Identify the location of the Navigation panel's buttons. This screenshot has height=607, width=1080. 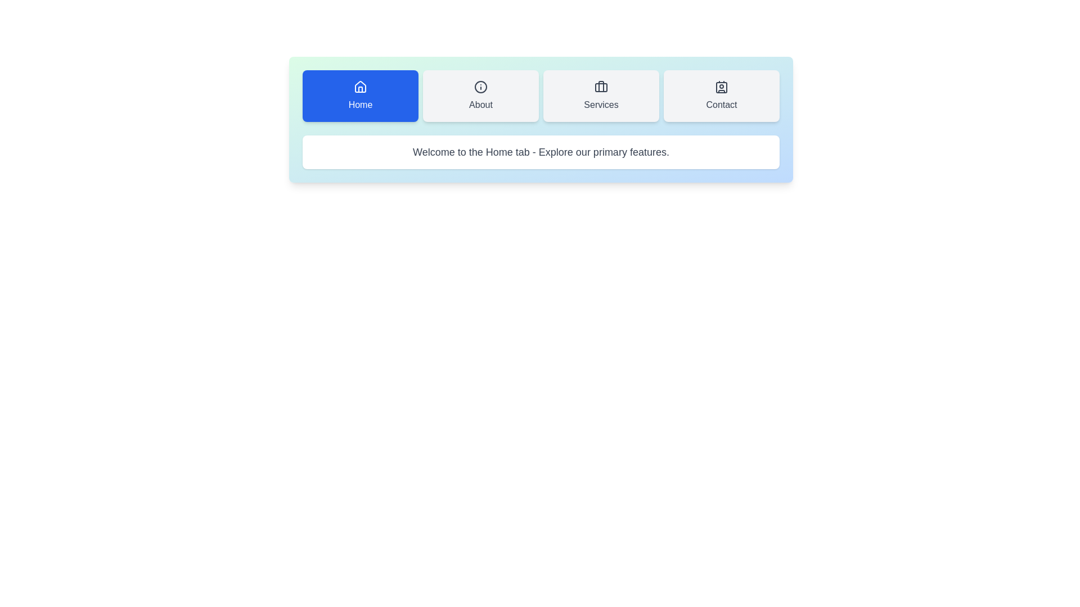
(541, 119).